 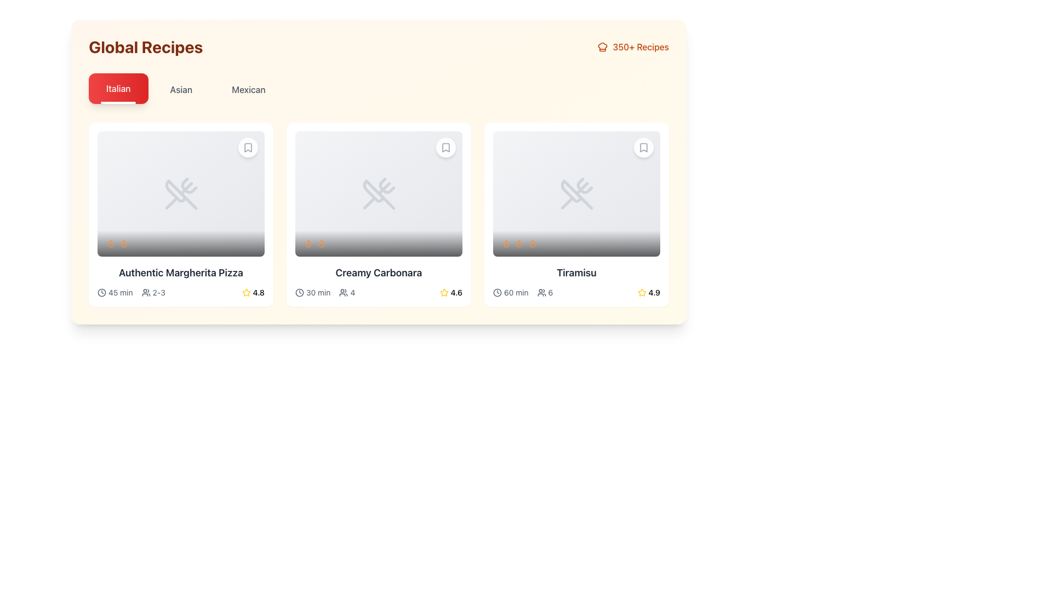 What do you see at coordinates (654, 292) in the screenshot?
I see `rating value displayed on the text label for the 'Tiramisu' recipe, located at the bottom-right corner of the third card in the horizontal list layout` at bounding box center [654, 292].